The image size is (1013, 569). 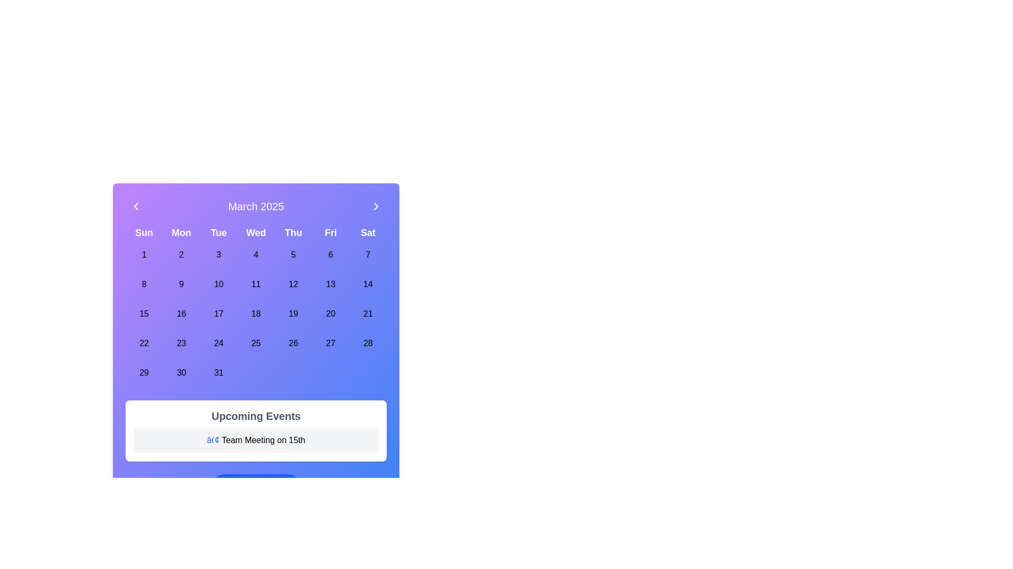 I want to click on the calendar day cell located in the sixth column of the third row under the 'Sat' header, so click(x=368, y=284).